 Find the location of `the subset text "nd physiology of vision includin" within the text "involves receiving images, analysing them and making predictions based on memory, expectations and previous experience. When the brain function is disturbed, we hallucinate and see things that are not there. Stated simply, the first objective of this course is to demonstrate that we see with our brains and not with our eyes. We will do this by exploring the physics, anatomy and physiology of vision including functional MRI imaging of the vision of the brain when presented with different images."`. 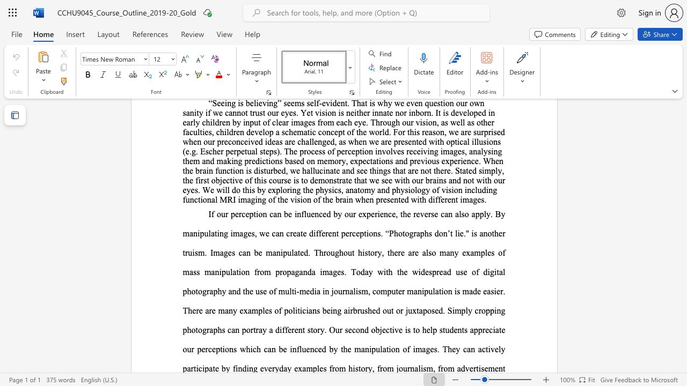

the subset text "nd physiology of vision includin" within the text "involves receiving images, analysing them and making predictions based on memory, expectations and previous experience. When the brain function is disturbed, we hallucinate and see things that are not there. Stated simply, the first objective of this course is to demonstrate that we see with our brains and not with our eyes. We will do this by exploring the physics, anatomy and physiology of vision including functional MRI imaging of the vision of the brain when presented with different images." is located at coordinates (381, 189).